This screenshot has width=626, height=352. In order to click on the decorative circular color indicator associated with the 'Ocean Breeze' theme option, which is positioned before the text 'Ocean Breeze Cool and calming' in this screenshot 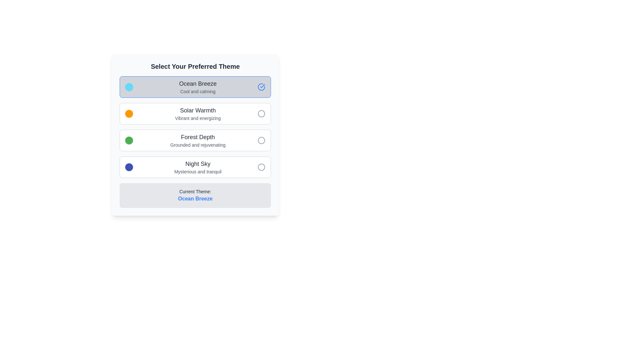, I will do `click(129, 86)`.